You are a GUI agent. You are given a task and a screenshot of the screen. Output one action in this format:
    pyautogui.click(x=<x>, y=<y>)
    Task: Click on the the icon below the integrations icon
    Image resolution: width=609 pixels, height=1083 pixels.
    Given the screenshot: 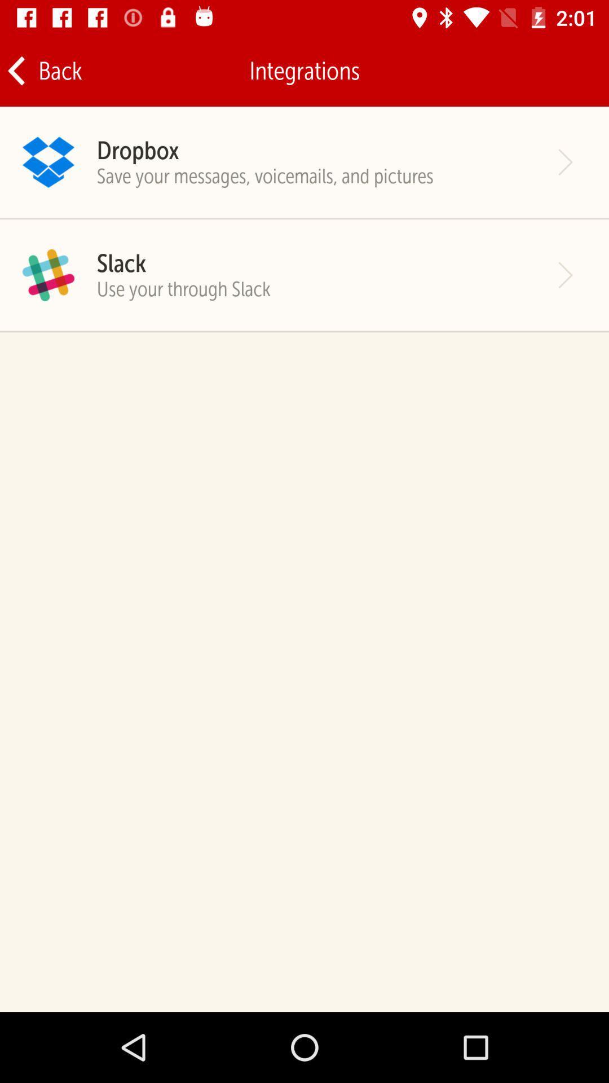 What is the action you would take?
    pyautogui.click(x=137, y=149)
    